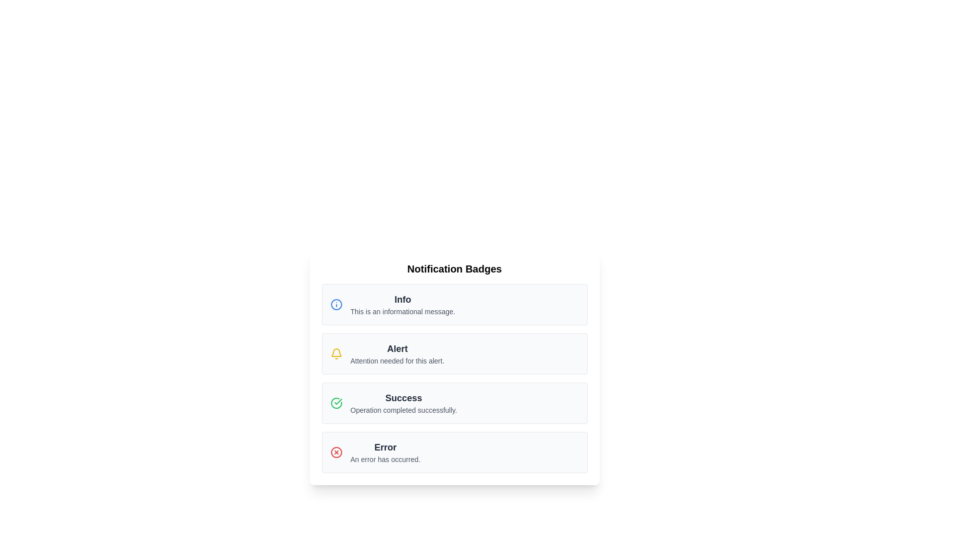 This screenshot has width=966, height=543. I want to click on the 'Success' text label styled in bold dark gray, which is located at the top of the notification box preceding the descriptive text 'Operation completed successfully', so click(404, 397).